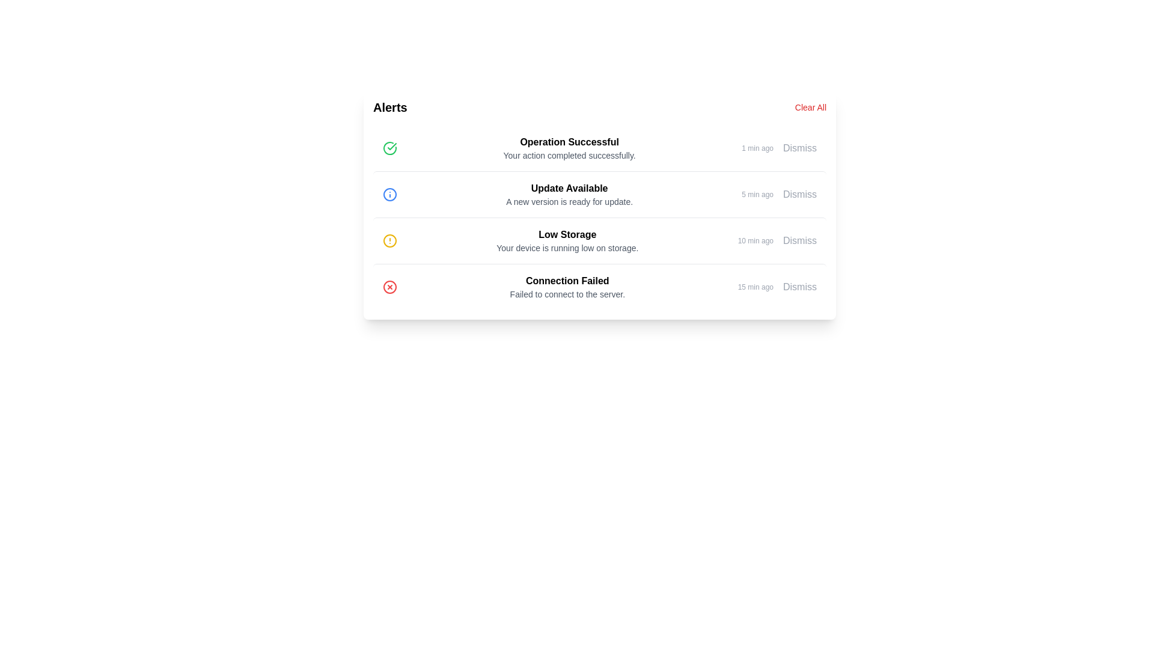 Image resolution: width=1154 pixels, height=649 pixels. What do you see at coordinates (567, 294) in the screenshot?
I see `the text display that provides additional information about the 'Connection Failed' alert, located directly below the heading in the alerts panel` at bounding box center [567, 294].